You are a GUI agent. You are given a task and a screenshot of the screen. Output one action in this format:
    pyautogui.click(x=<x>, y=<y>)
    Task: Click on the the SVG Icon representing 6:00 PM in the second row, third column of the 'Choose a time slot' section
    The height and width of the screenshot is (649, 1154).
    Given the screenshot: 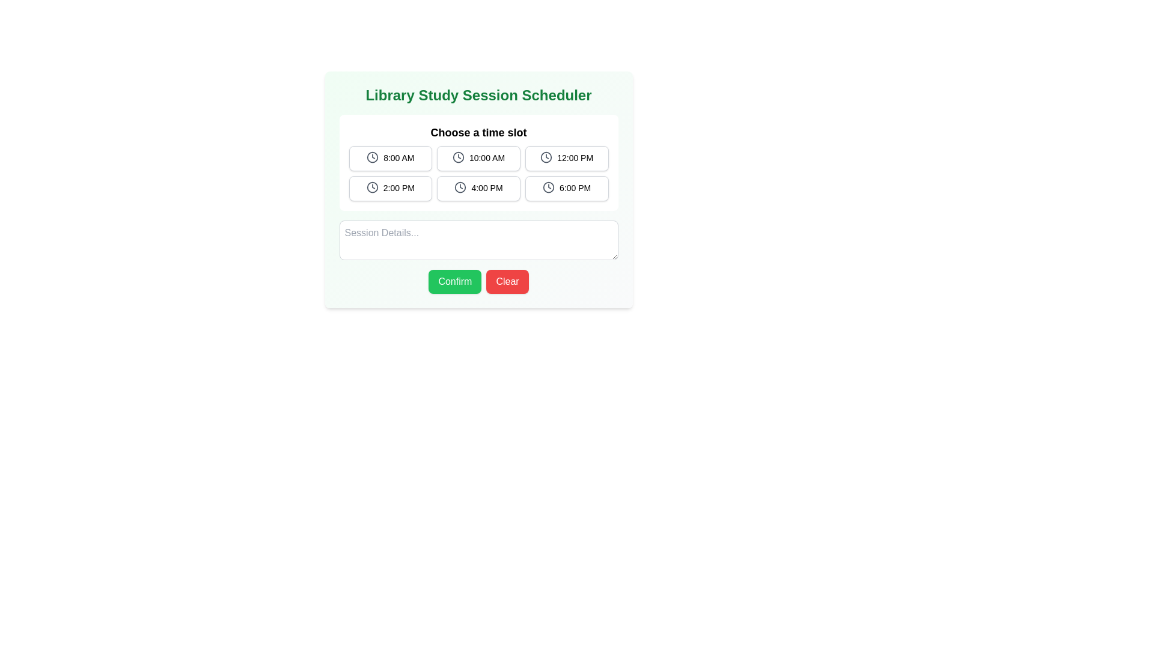 What is the action you would take?
    pyautogui.click(x=548, y=187)
    